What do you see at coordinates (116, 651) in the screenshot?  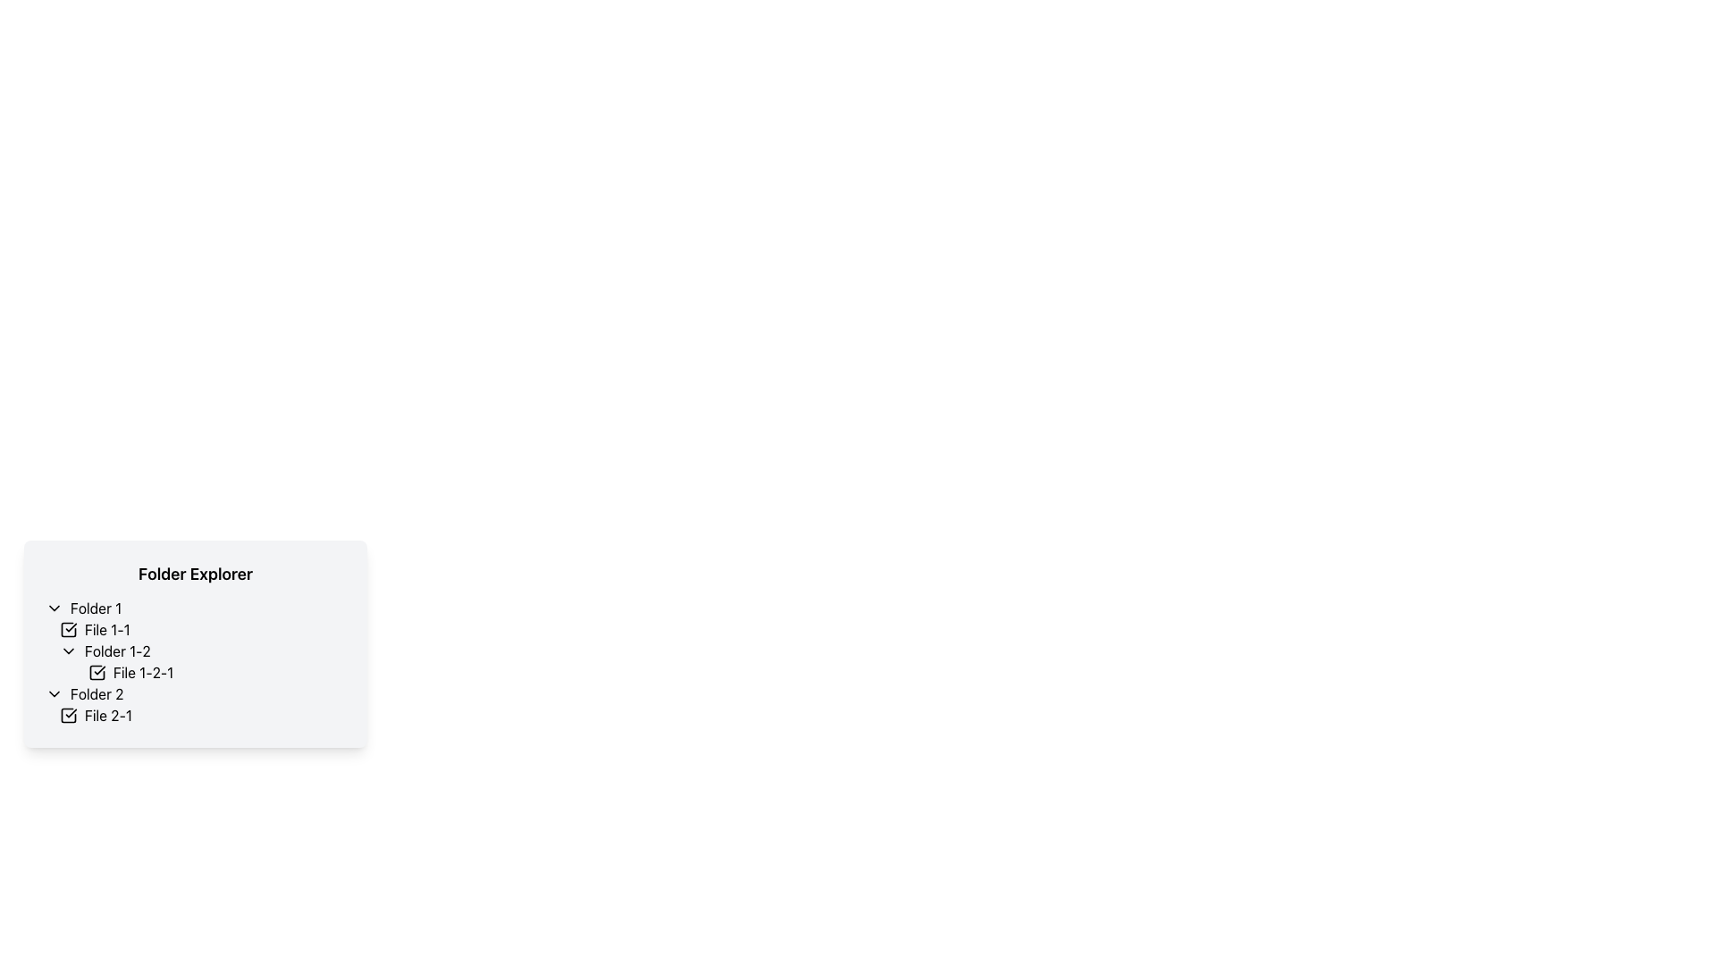 I see `the folder label 'Folder 1-2'` at bounding box center [116, 651].